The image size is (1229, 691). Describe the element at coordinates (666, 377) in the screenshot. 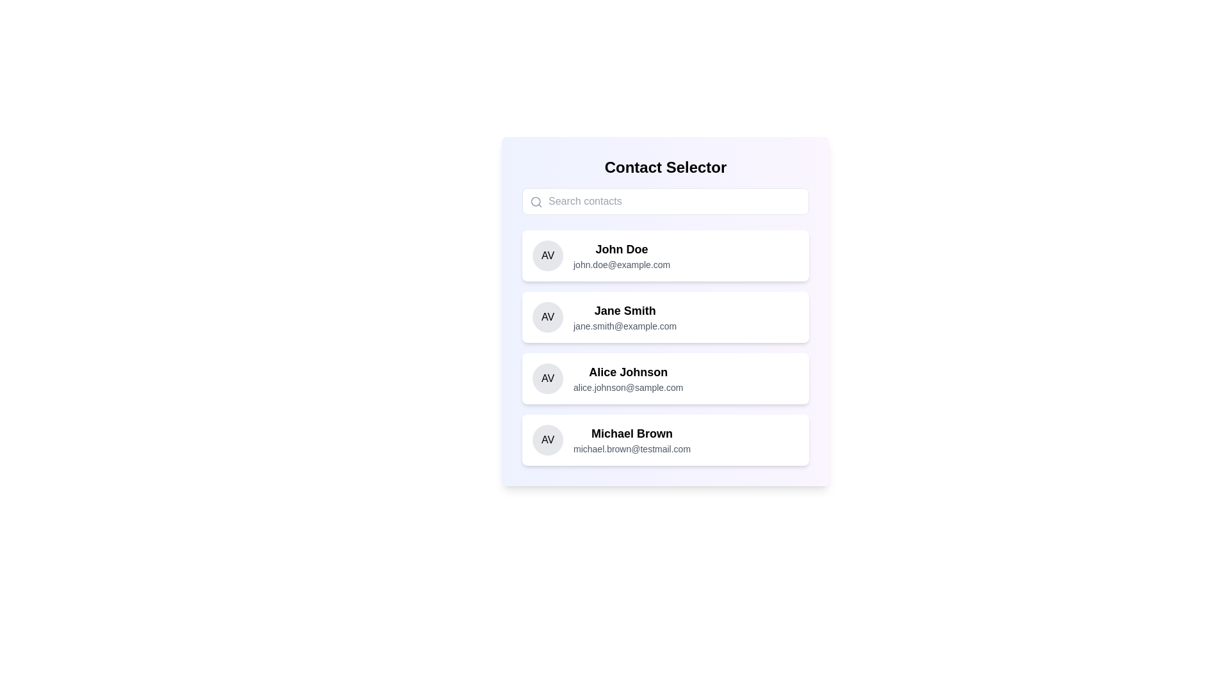

I see `the contact entry card representing the third item in the vertically stacked list` at that location.